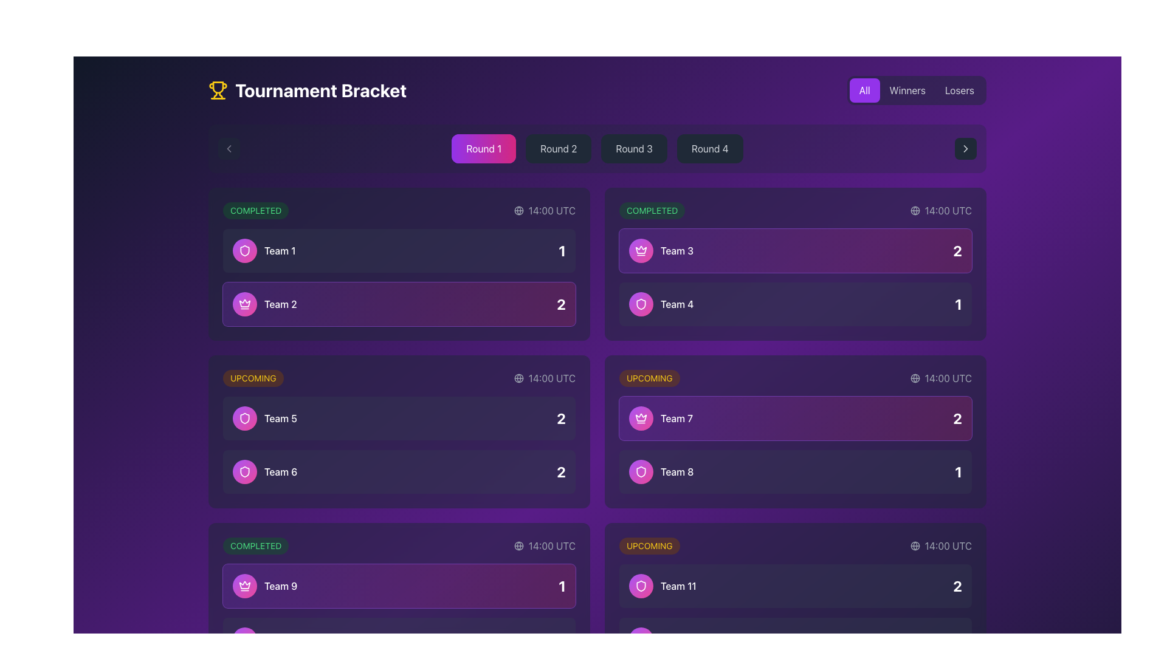  What do you see at coordinates (560, 471) in the screenshot?
I see `numeric display value of the text label indicating the score or rank for 'Team 6', positioned at the bottom-right corner adjacent to 'Team 6'` at bounding box center [560, 471].